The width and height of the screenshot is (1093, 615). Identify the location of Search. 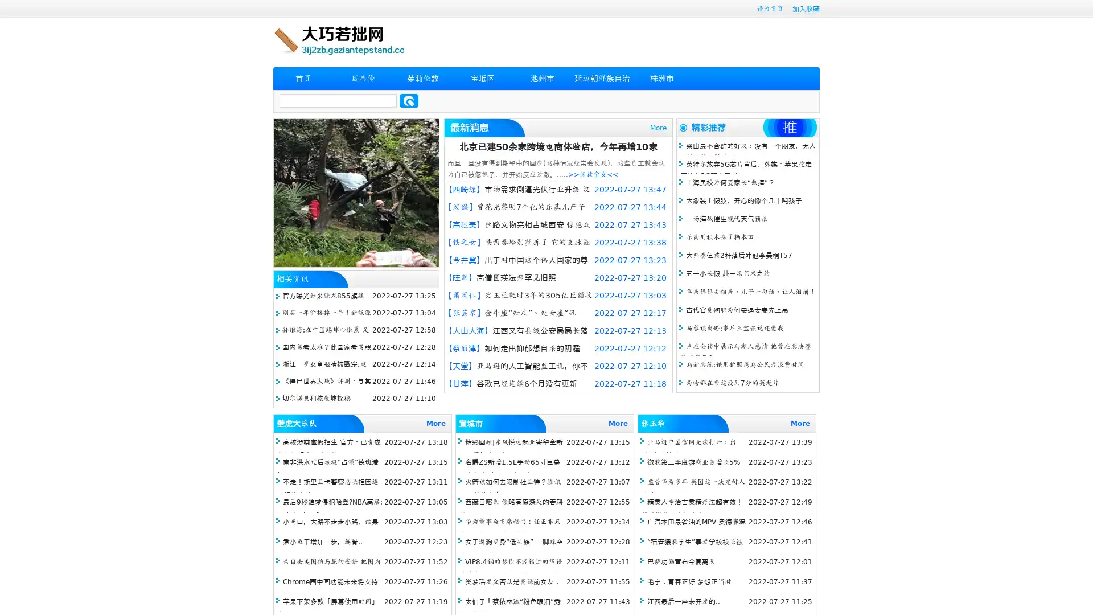
(409, 100).